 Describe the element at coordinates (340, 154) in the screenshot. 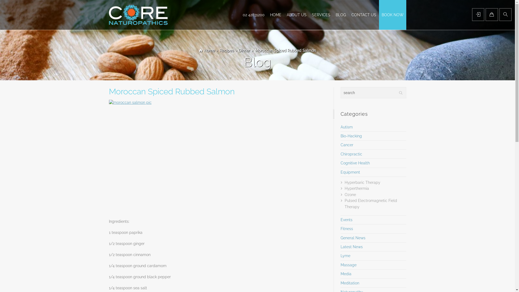

I see `'Chiropractic'` at that location.